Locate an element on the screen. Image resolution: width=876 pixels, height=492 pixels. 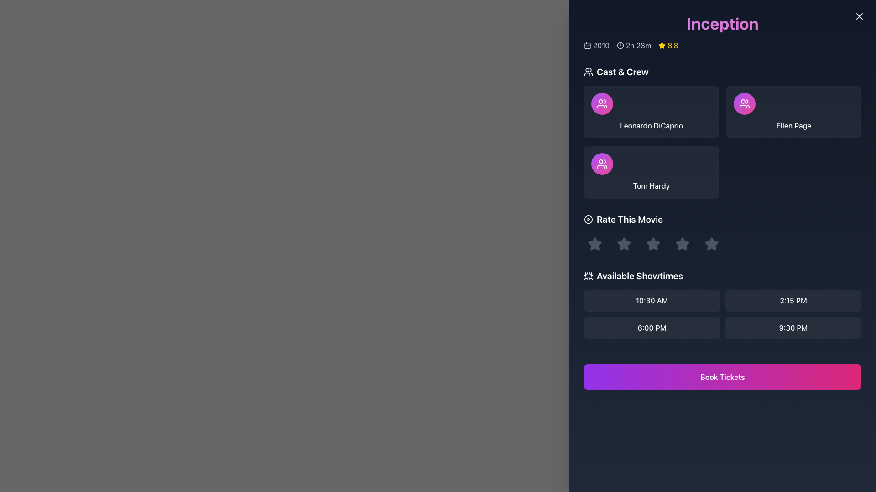
the 'Book Tickets' button is located at coordinates (722, 377).